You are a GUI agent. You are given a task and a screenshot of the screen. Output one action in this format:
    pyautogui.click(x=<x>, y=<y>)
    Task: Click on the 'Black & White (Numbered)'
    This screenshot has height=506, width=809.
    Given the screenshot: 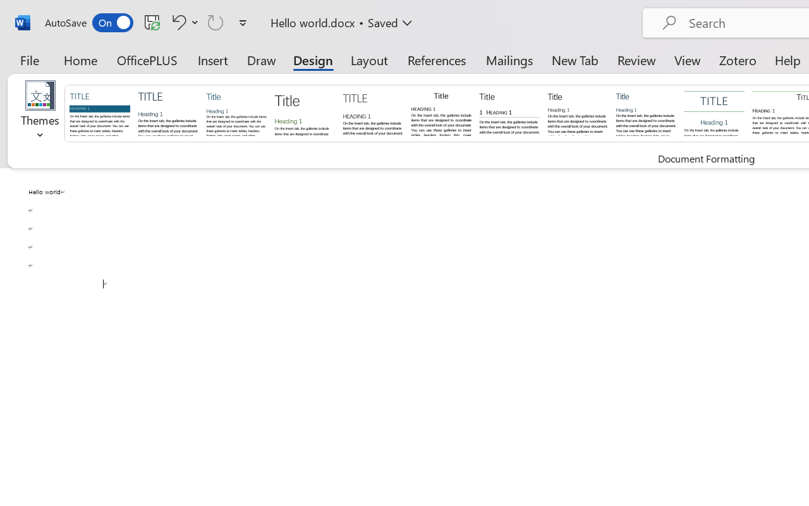 What is the action you would take?
    pyautogui.click(x=509, y=112)
    